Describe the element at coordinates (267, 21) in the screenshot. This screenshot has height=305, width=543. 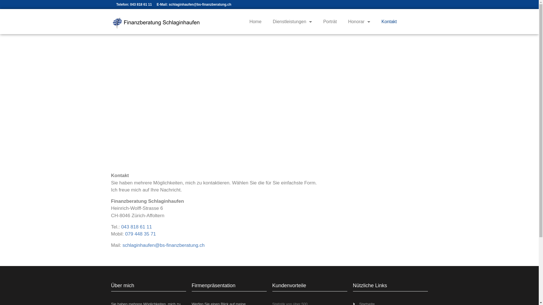
I see `'Dienstleistungen'` at that location.